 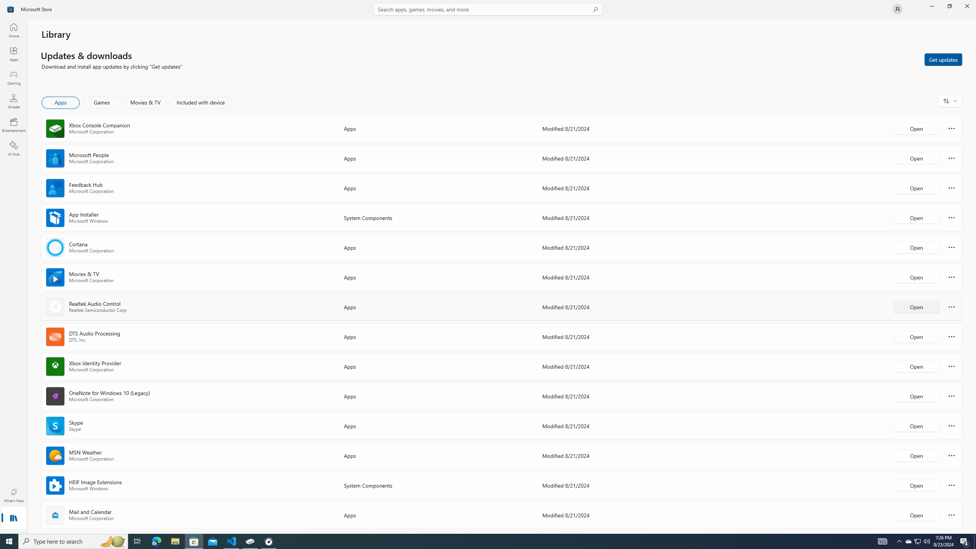 What do you see at coordinates (13, 148) in the screenshot?
I see `'AI Hub'` at bounding box center [13, 148].